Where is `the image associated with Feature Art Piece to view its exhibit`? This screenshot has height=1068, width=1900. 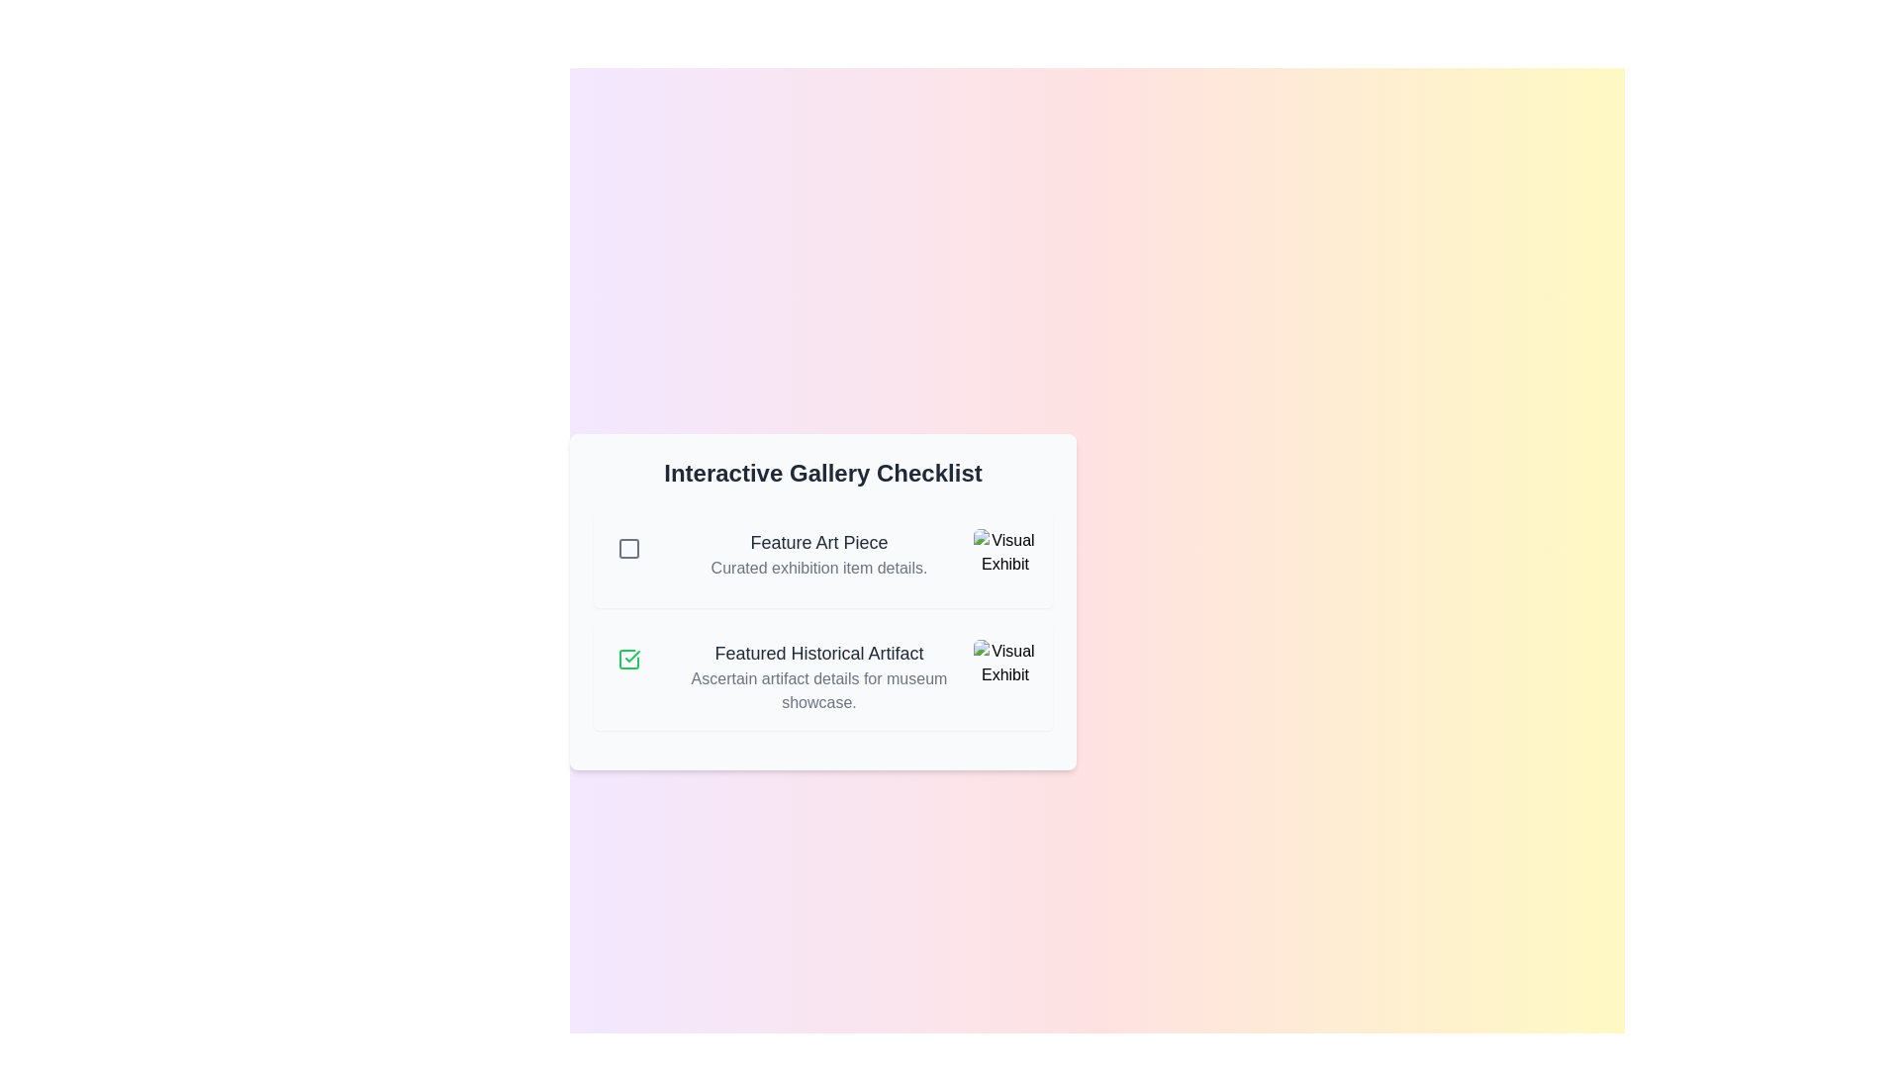
the image associated with Feature Art Piece to view its exhibit is located at coordinates (1005, 561).